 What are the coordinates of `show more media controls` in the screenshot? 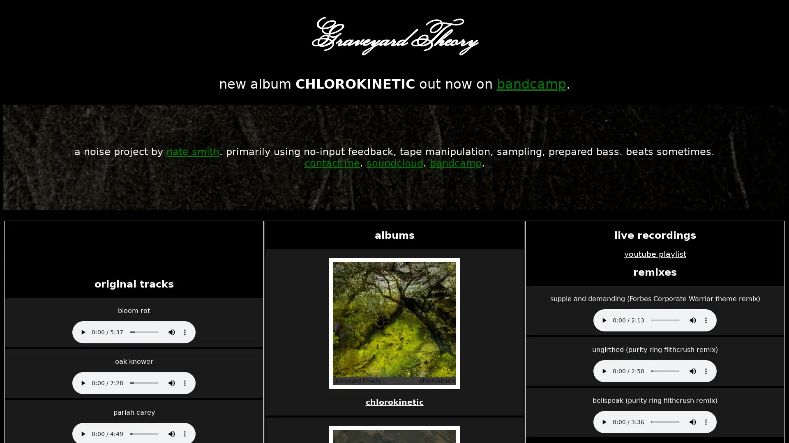 It's located at (185, 331).